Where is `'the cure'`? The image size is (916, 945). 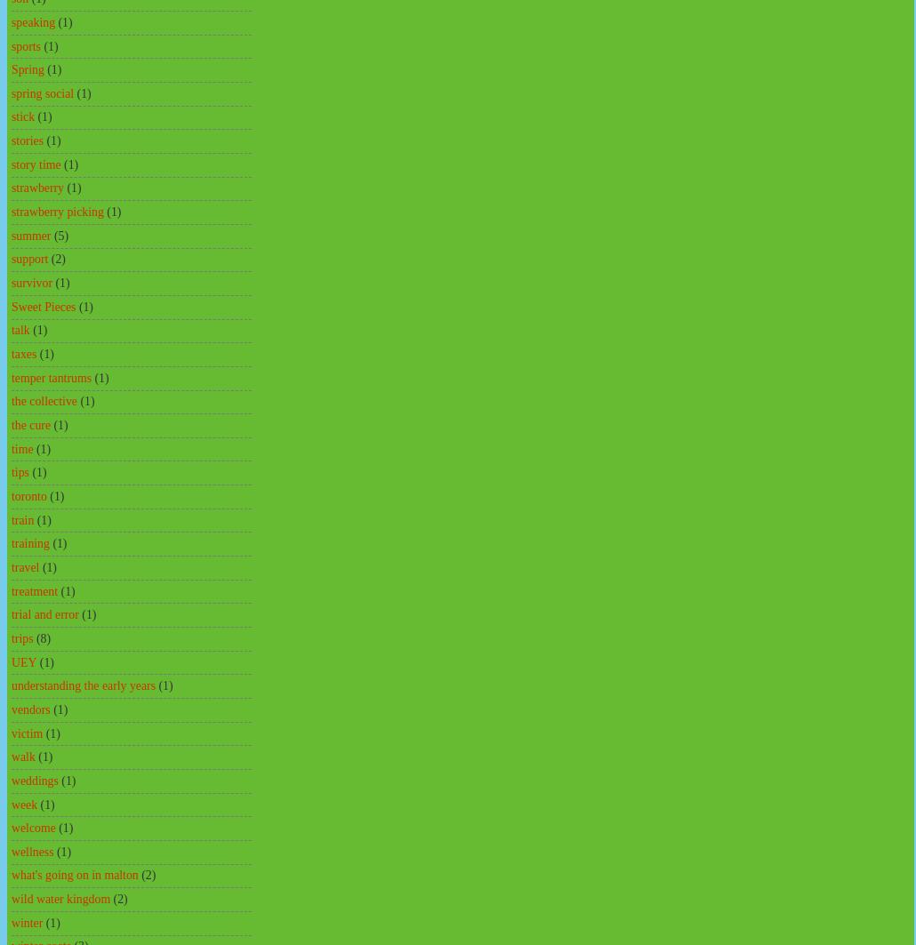 'the cure' is located at coordinates (31, 425).